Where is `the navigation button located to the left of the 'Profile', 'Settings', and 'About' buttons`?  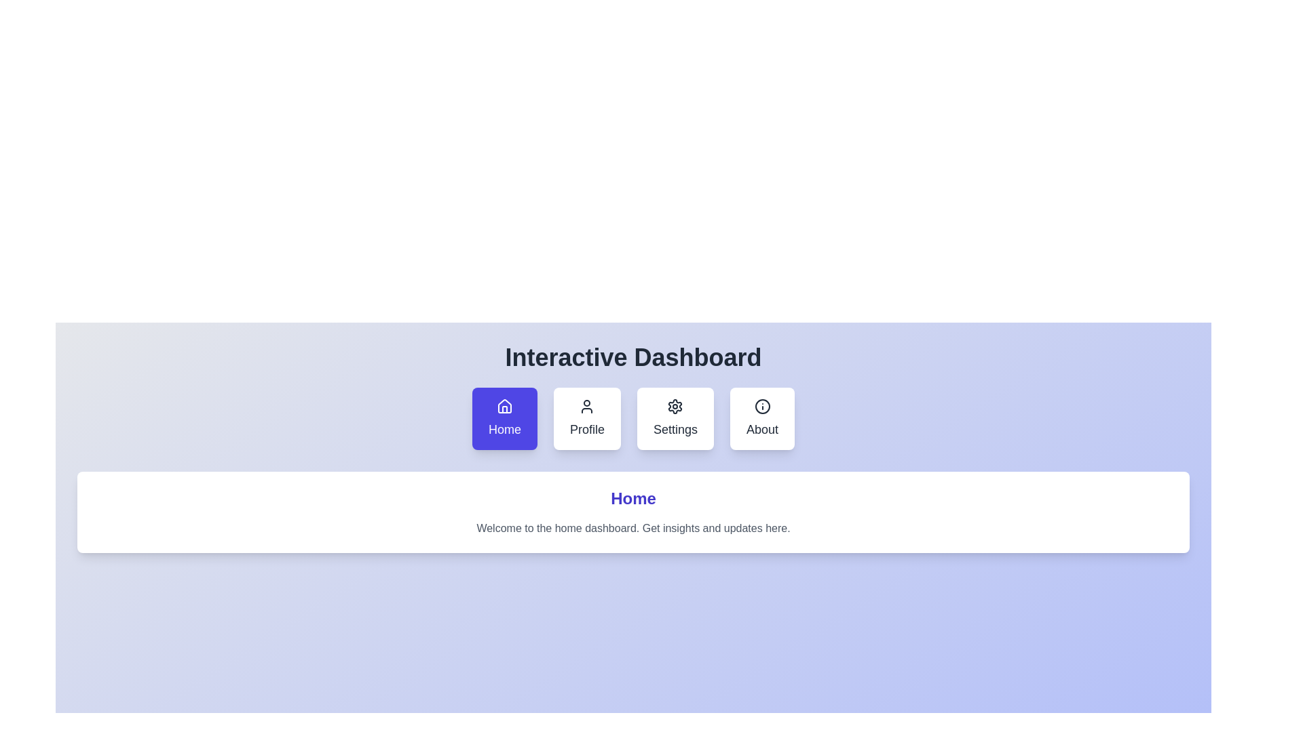 the navigation button located to the left of the 'Profile', 'Settings', and 'About' buttons is located at coordinates (504, 418).